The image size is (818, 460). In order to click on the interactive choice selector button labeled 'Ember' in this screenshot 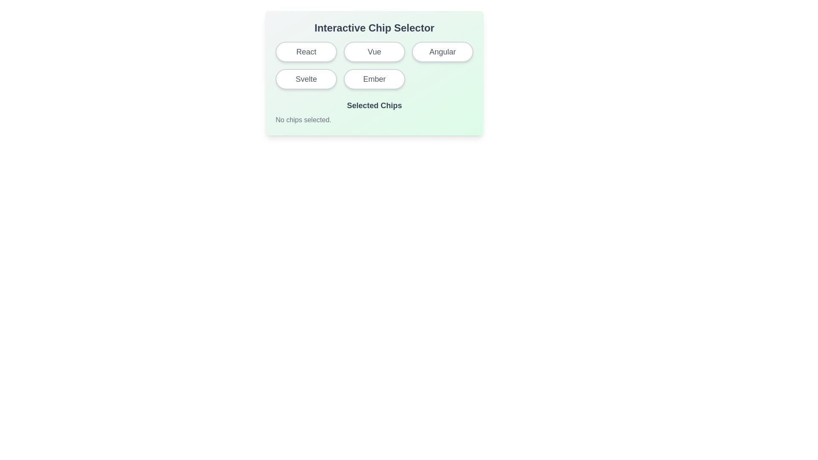, I will do `click(374, 79)`.